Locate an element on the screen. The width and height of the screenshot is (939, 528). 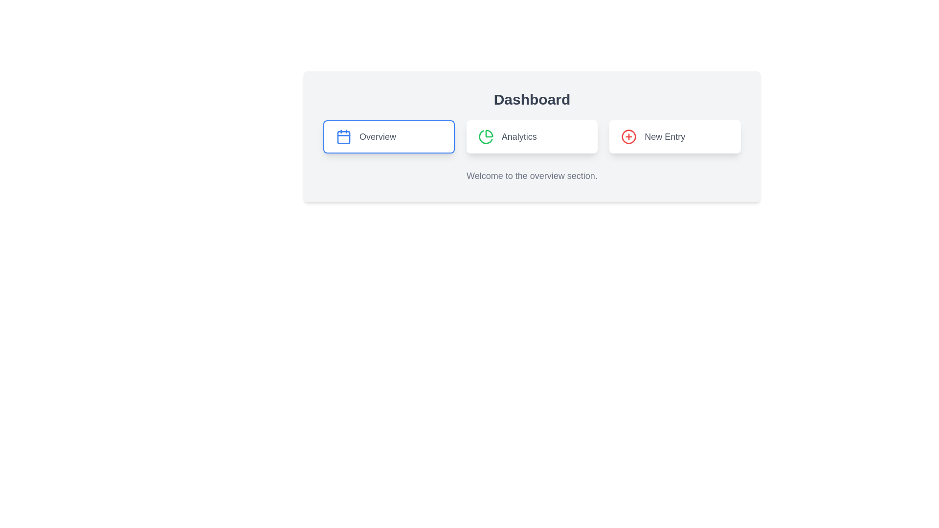
the static text label reading 'Overview', which is part of a button with a blue border and an icon to its left is located at coordinates (377, 137).